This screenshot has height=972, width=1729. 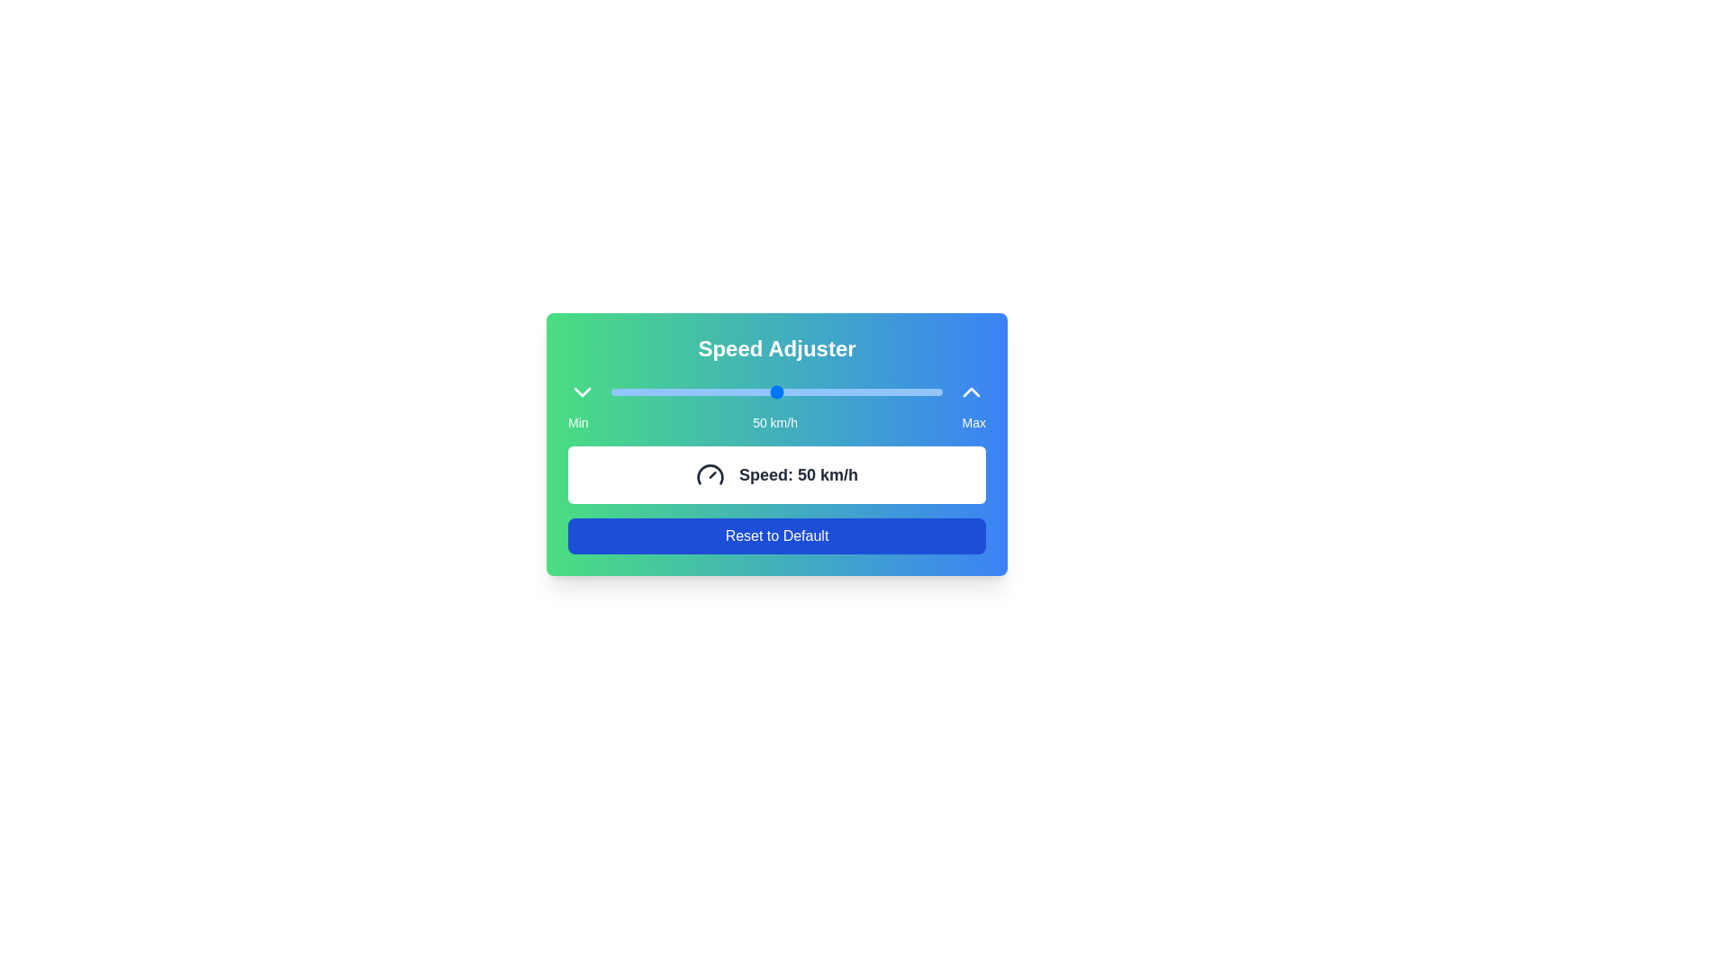 I want to click on the slider value, so click(x=862, y=391).